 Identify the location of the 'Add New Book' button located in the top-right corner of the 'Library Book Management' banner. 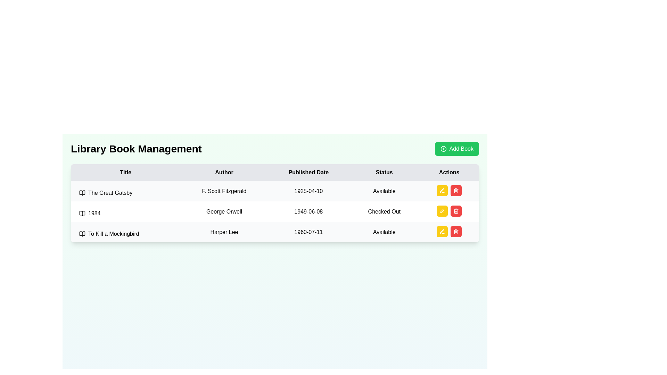
(457, 148).